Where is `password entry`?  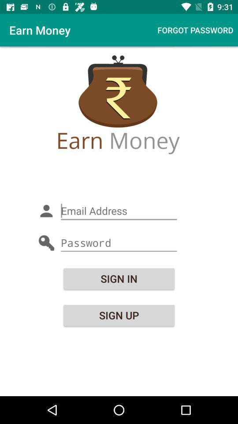
password entry is located at coordinates (119, 243).